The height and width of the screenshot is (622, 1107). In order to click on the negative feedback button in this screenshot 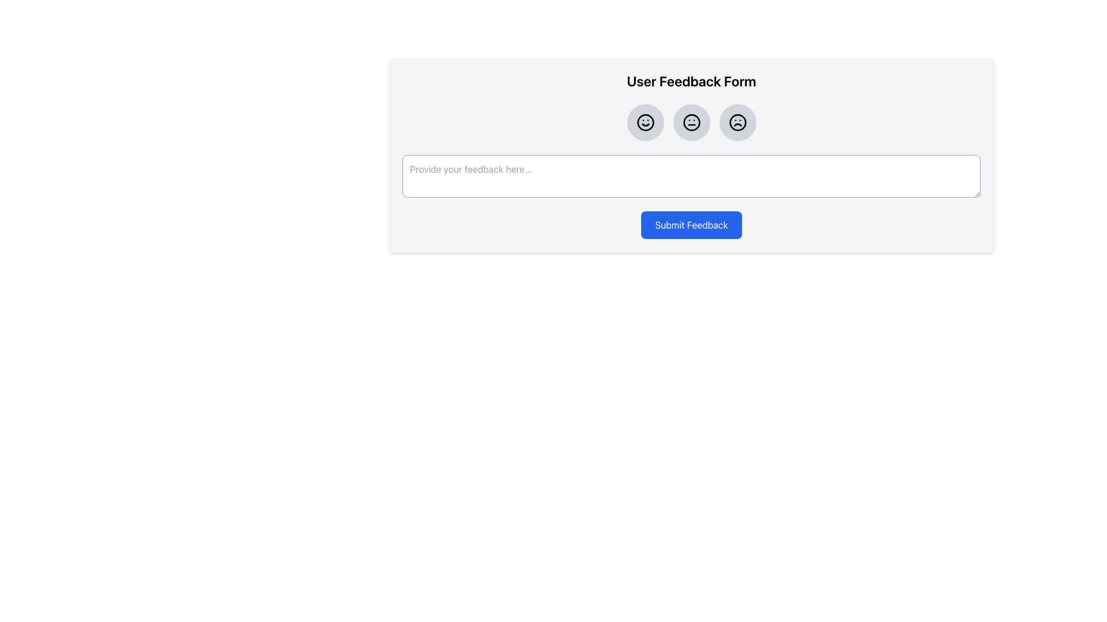, I will do `click(737, 122)`.